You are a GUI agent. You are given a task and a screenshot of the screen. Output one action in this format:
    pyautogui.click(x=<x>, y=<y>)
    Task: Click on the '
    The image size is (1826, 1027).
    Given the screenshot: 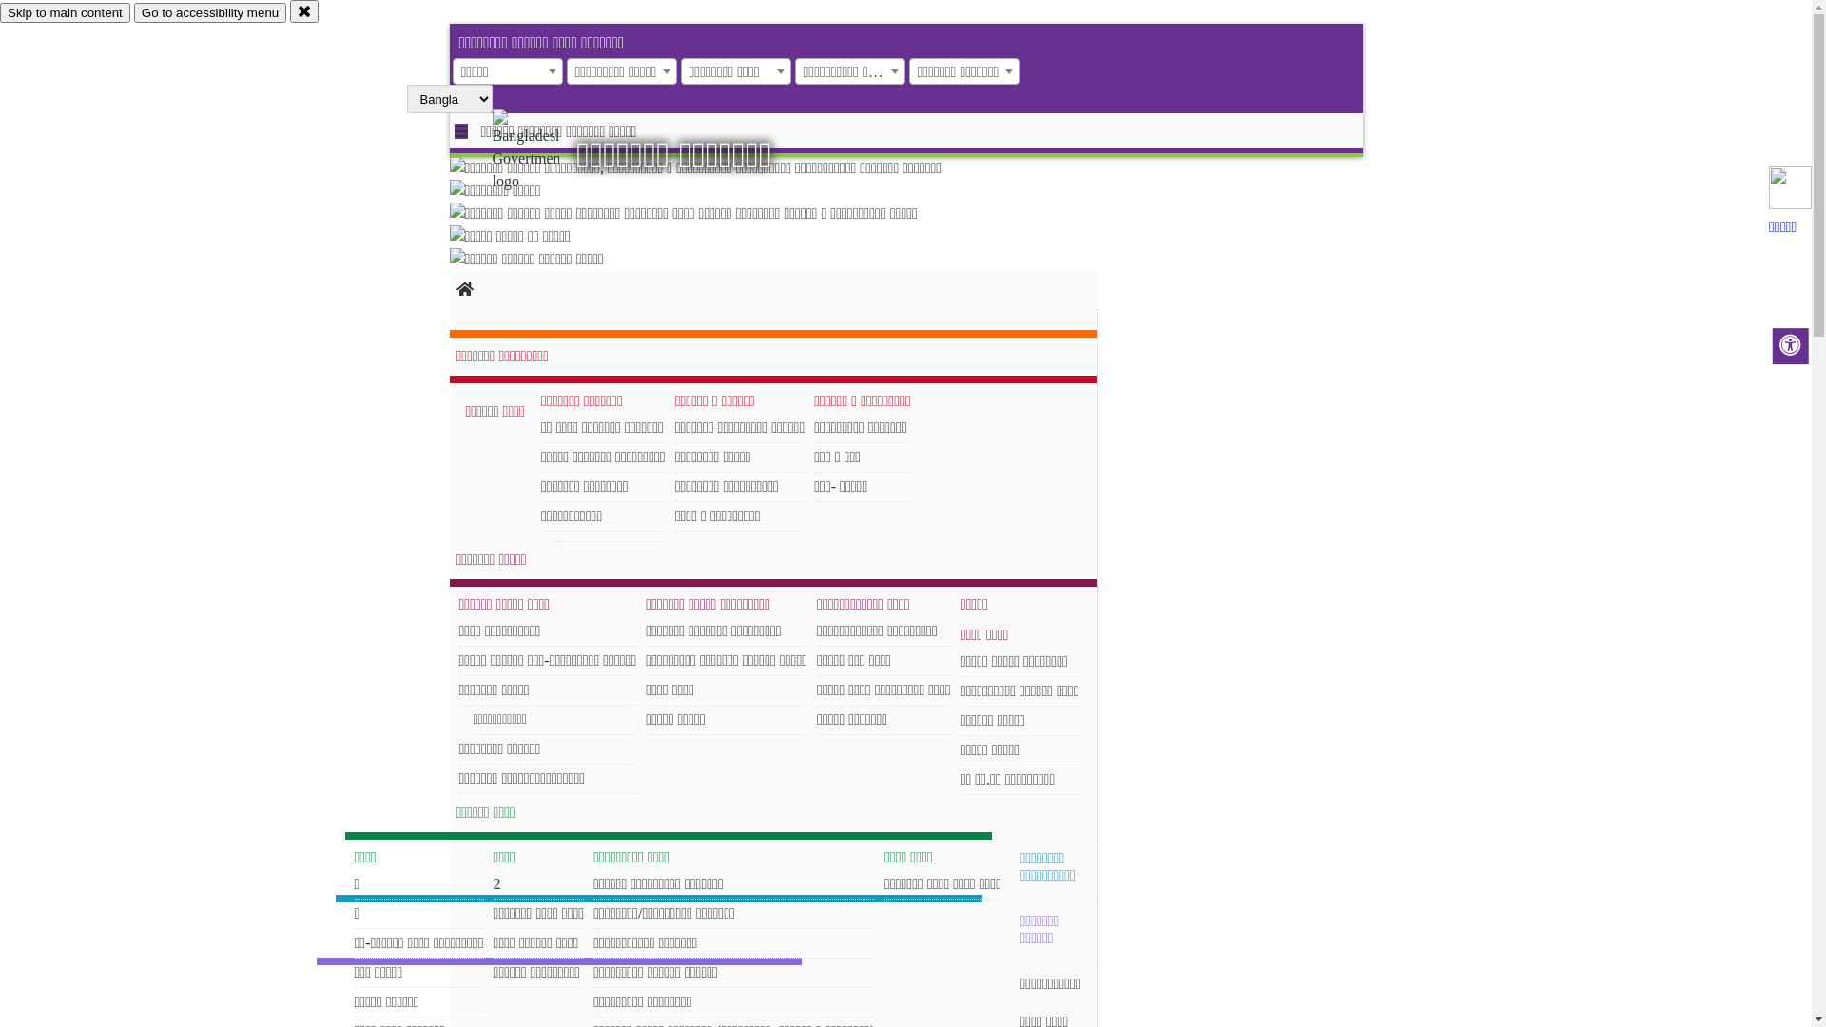 What is the action you would take?
    pyautogui.click(x=541, y=149)
    